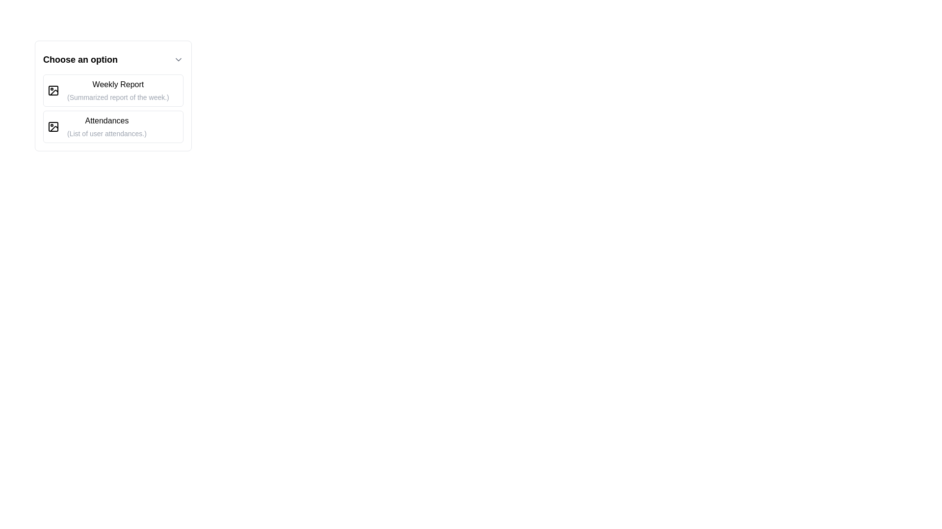 The image size is (942, 529). I want to click on the 'Attendances' icon, which is located to the left of the label text in the section for user attendances, so click(53, 126).